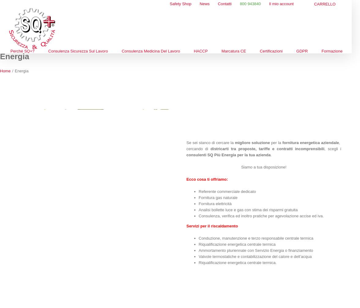 The height and width of the screenshot is (308, 360). I want to click on 'Riqualificazione energetica centrale termica', so click(237, 244).